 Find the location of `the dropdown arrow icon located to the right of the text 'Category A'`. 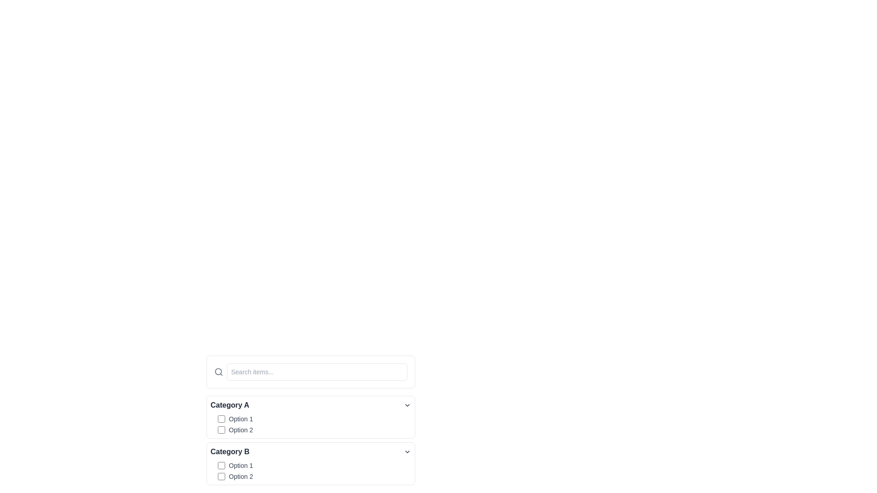

the dropdown arrow icon located to the right of the text 'Category A' is located at coordinates (407, 404).